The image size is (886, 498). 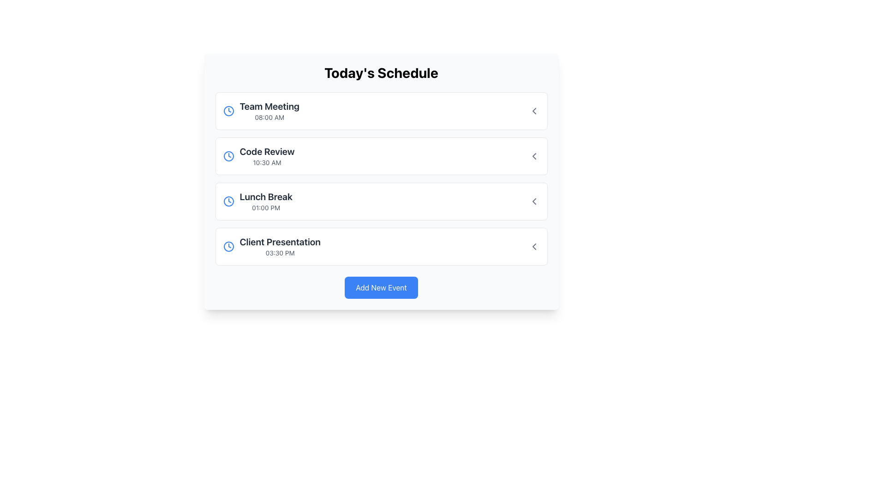 What do you see at coordinates (267, 156) in the screenshot?
I see `event's time and title from the Descriptive Text Block displaying 'Code Review' scheduled for 10:30 AM, located as the second item in the vertical list under 'Today's Schedule.'` at bounding box center [267, 156].